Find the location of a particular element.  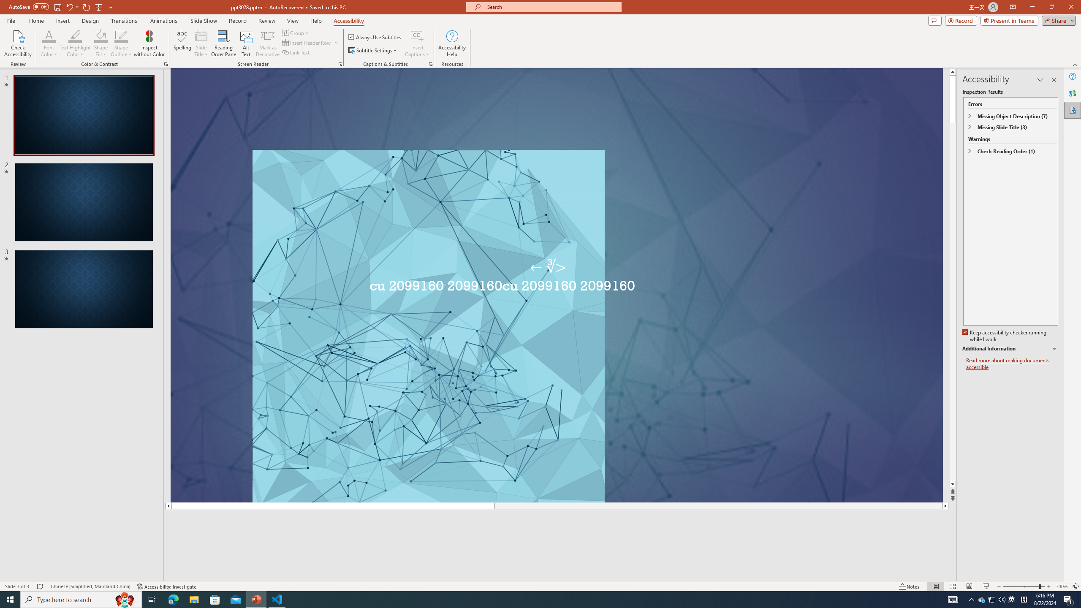

'Slide Title' is located at coordinates (201, 35).